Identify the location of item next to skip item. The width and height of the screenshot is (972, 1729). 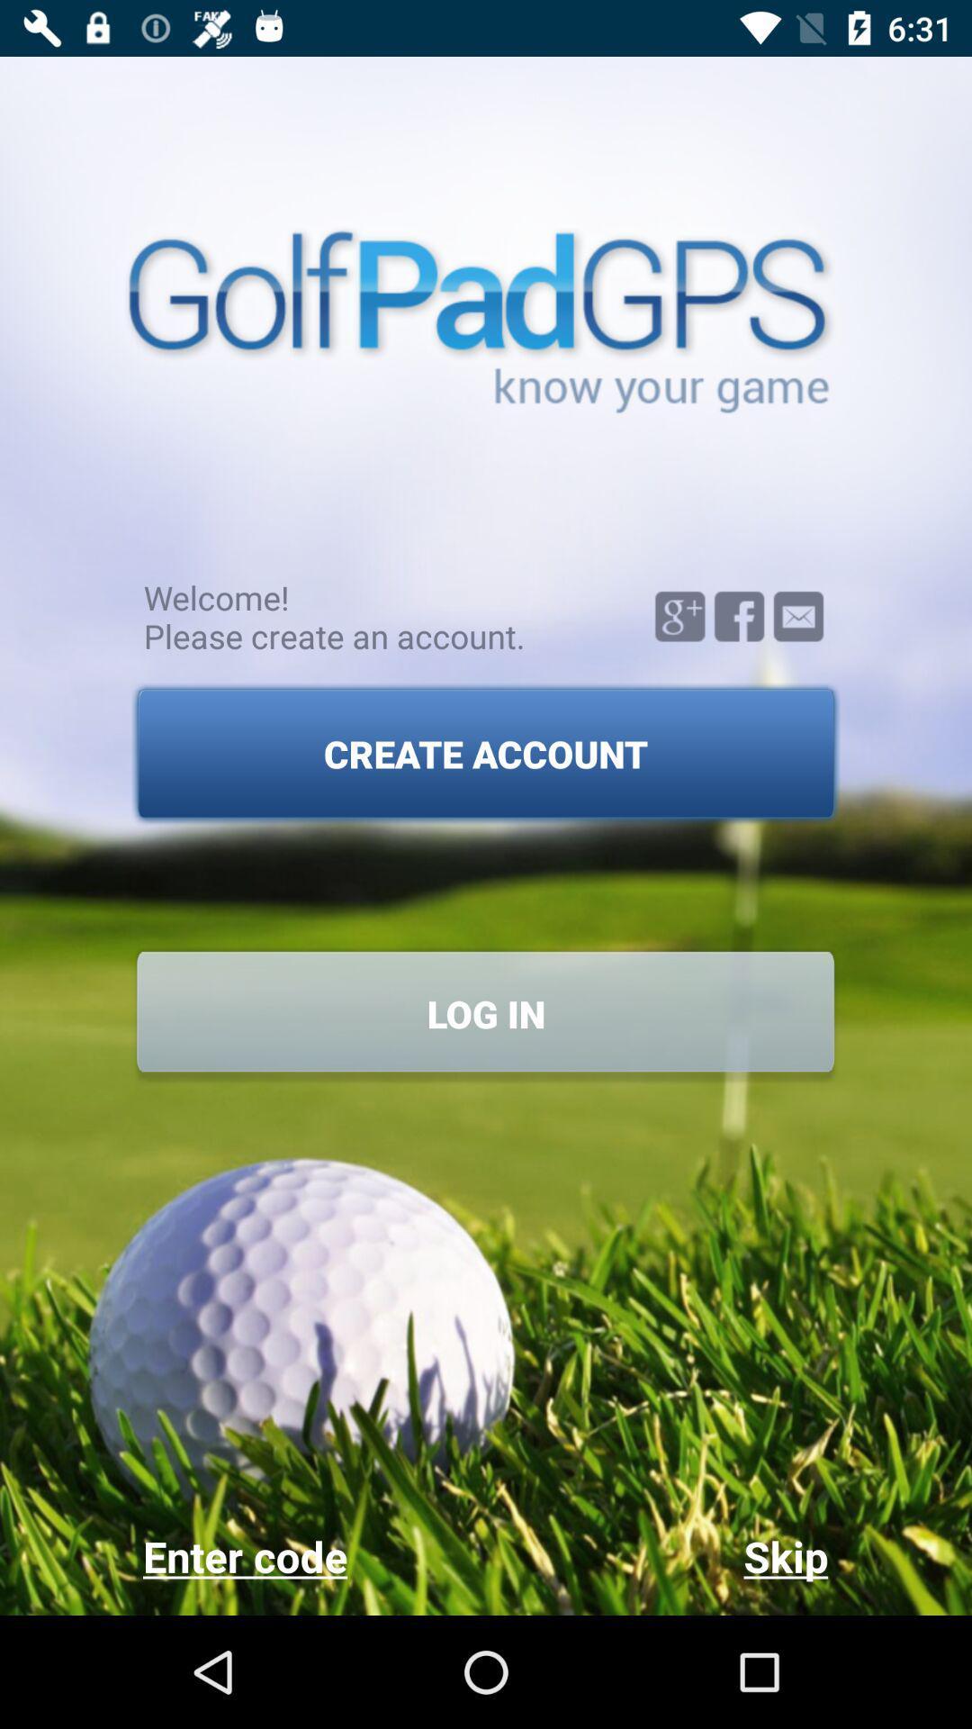
(313, 1555).